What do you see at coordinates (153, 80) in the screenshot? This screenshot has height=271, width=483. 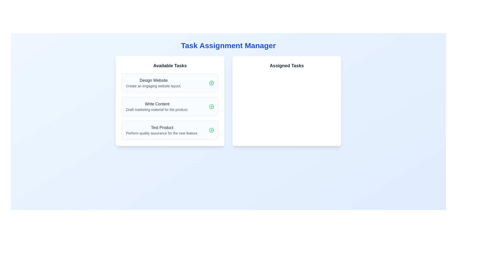 I see `the 'Design Website' label, which is the title of the first task card in the 'Available Tasks' section, styled with medium font weight and dark gray color` at bounding box center [153, 80].